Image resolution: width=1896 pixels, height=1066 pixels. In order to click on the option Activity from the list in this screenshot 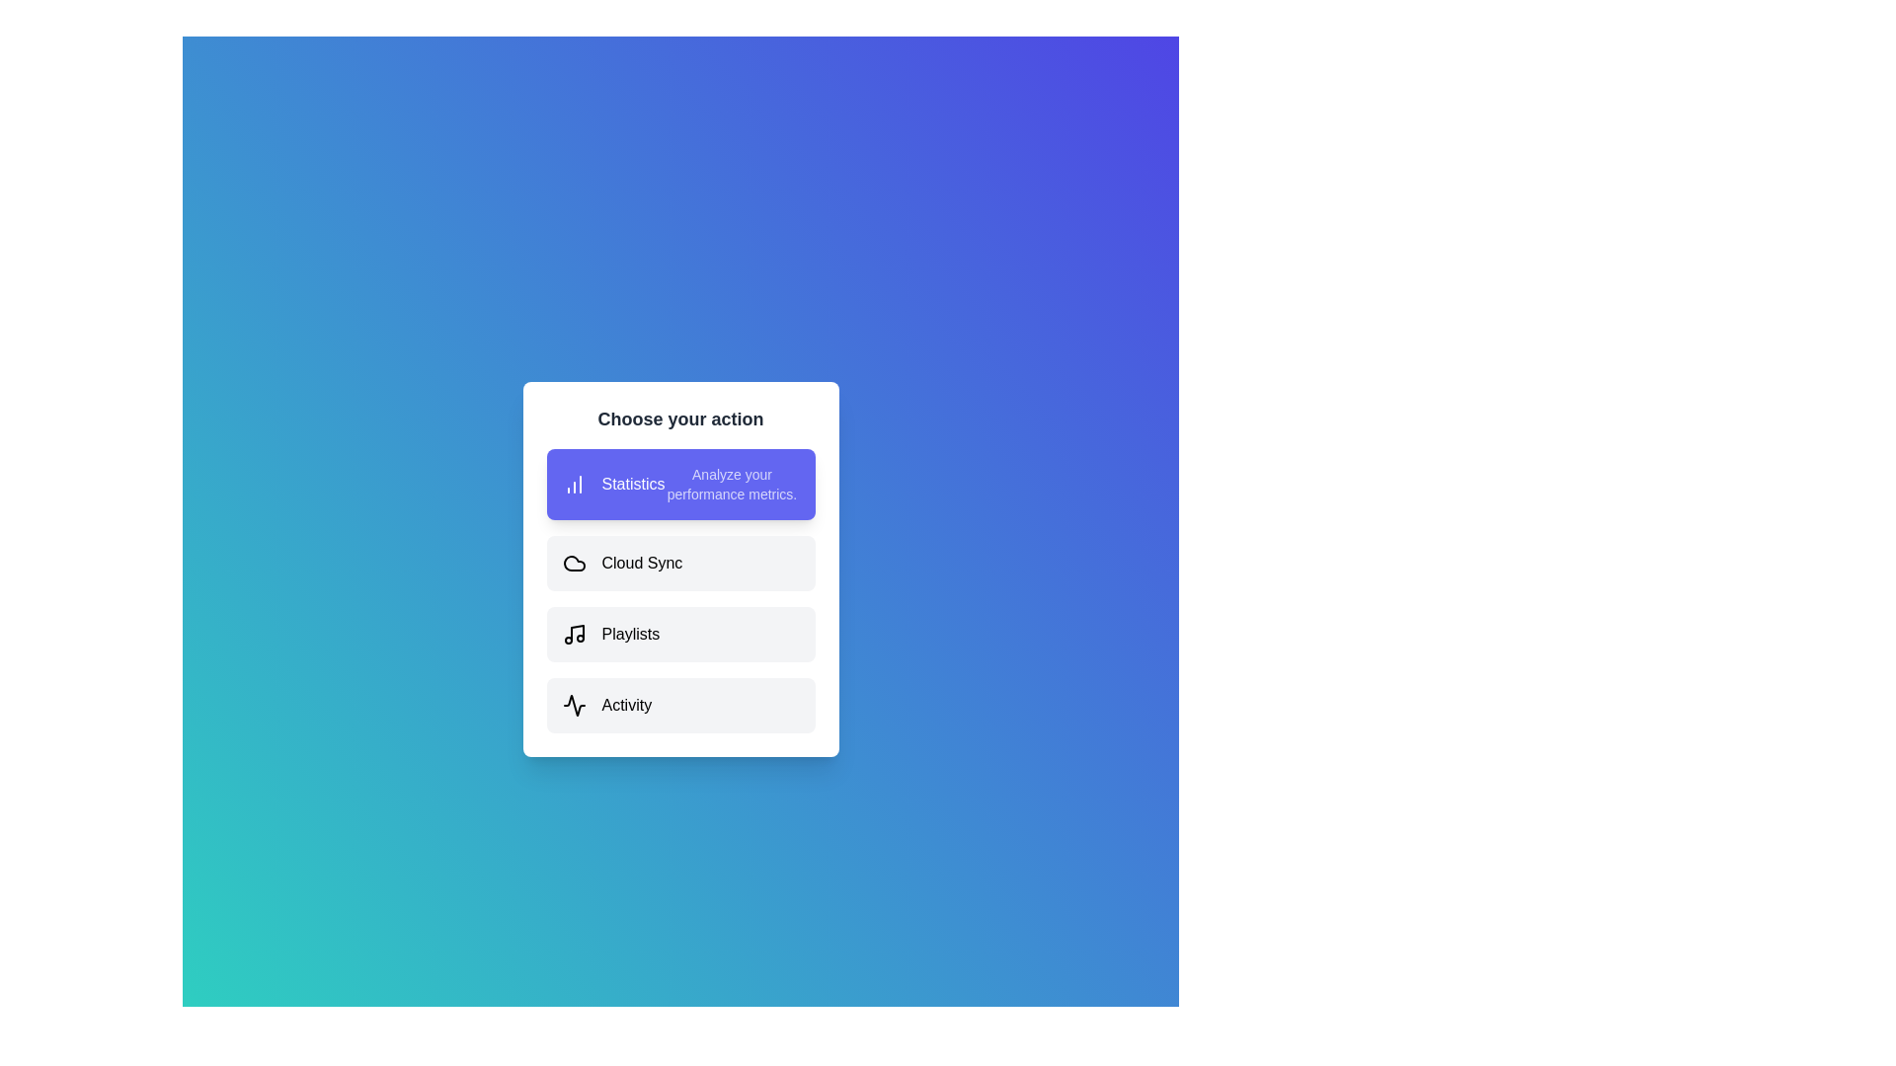, I will do `click(680, 704)`.